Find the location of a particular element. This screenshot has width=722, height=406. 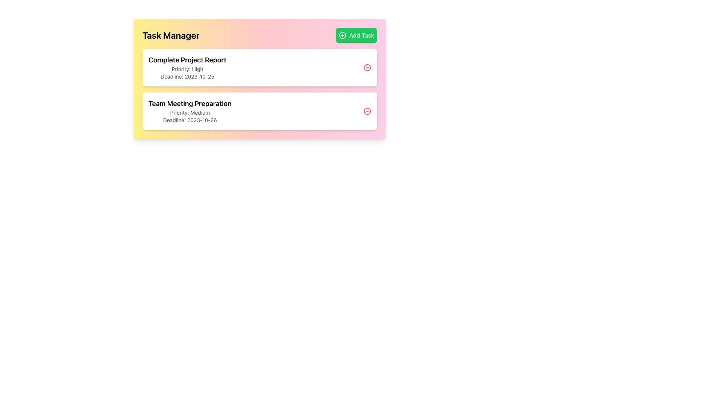

the circular icon with a green stroke and a plus sign, located to the left of the 'Add Task' button in the Task Manager interface is located at coordinates (342, 35).